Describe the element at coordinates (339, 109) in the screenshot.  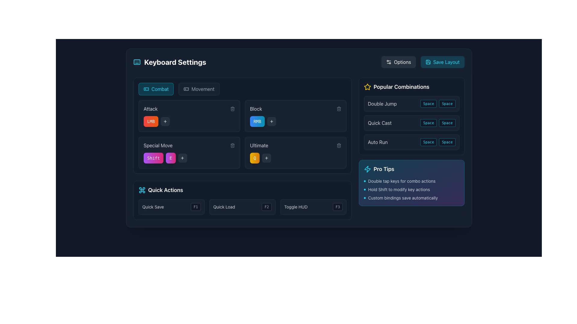
I see `the delete button for the 'Block' keyboard action located on the rightmost side beside the 'RMB' button` at that location.